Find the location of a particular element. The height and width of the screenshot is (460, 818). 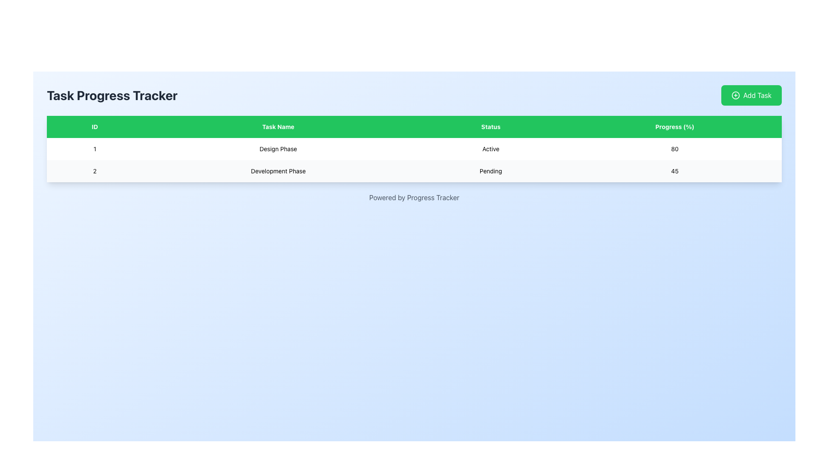

displayed text in the fourth cell of the table row representing the 'Design Phase' project, which shows the progress percentage value '80' is located at coordinates (674, 149).